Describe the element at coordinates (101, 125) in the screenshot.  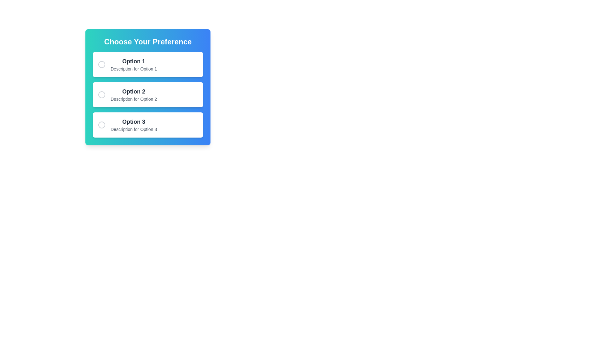
I see `the third radio button in the vertical list that has a light gray border and a transparent center, which is associated with 'Option 3'` at that location.